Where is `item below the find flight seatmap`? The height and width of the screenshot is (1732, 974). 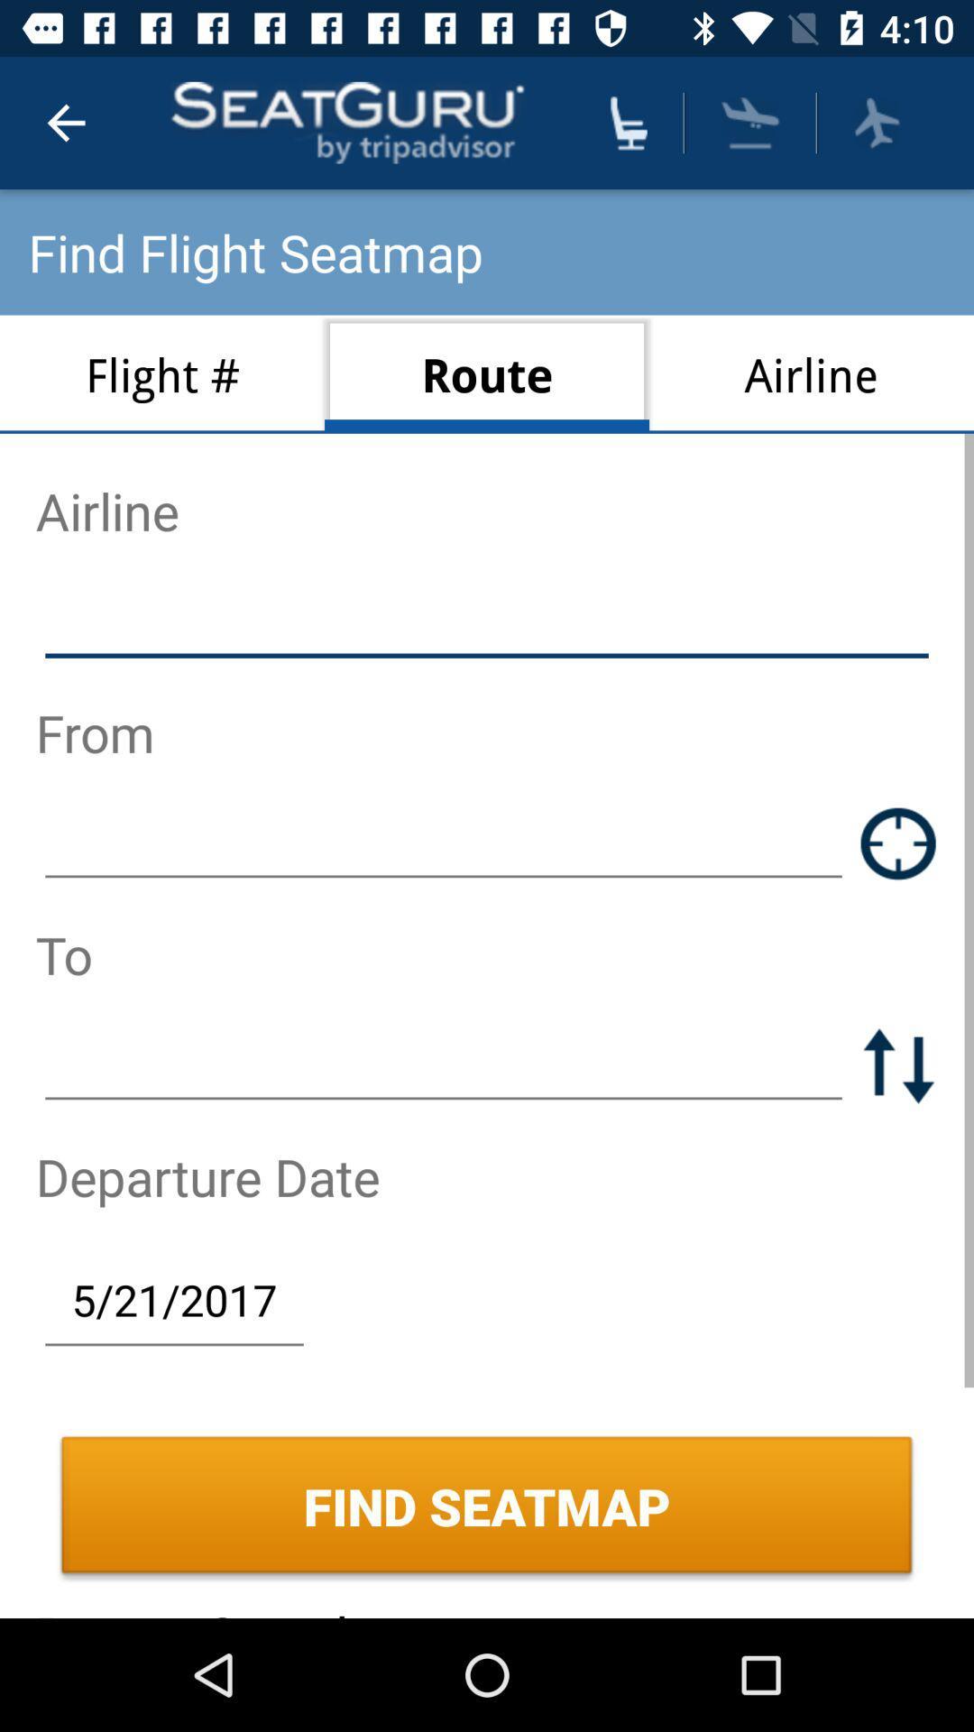 item below the find flight seatmap is located at coordinates (487, 373).